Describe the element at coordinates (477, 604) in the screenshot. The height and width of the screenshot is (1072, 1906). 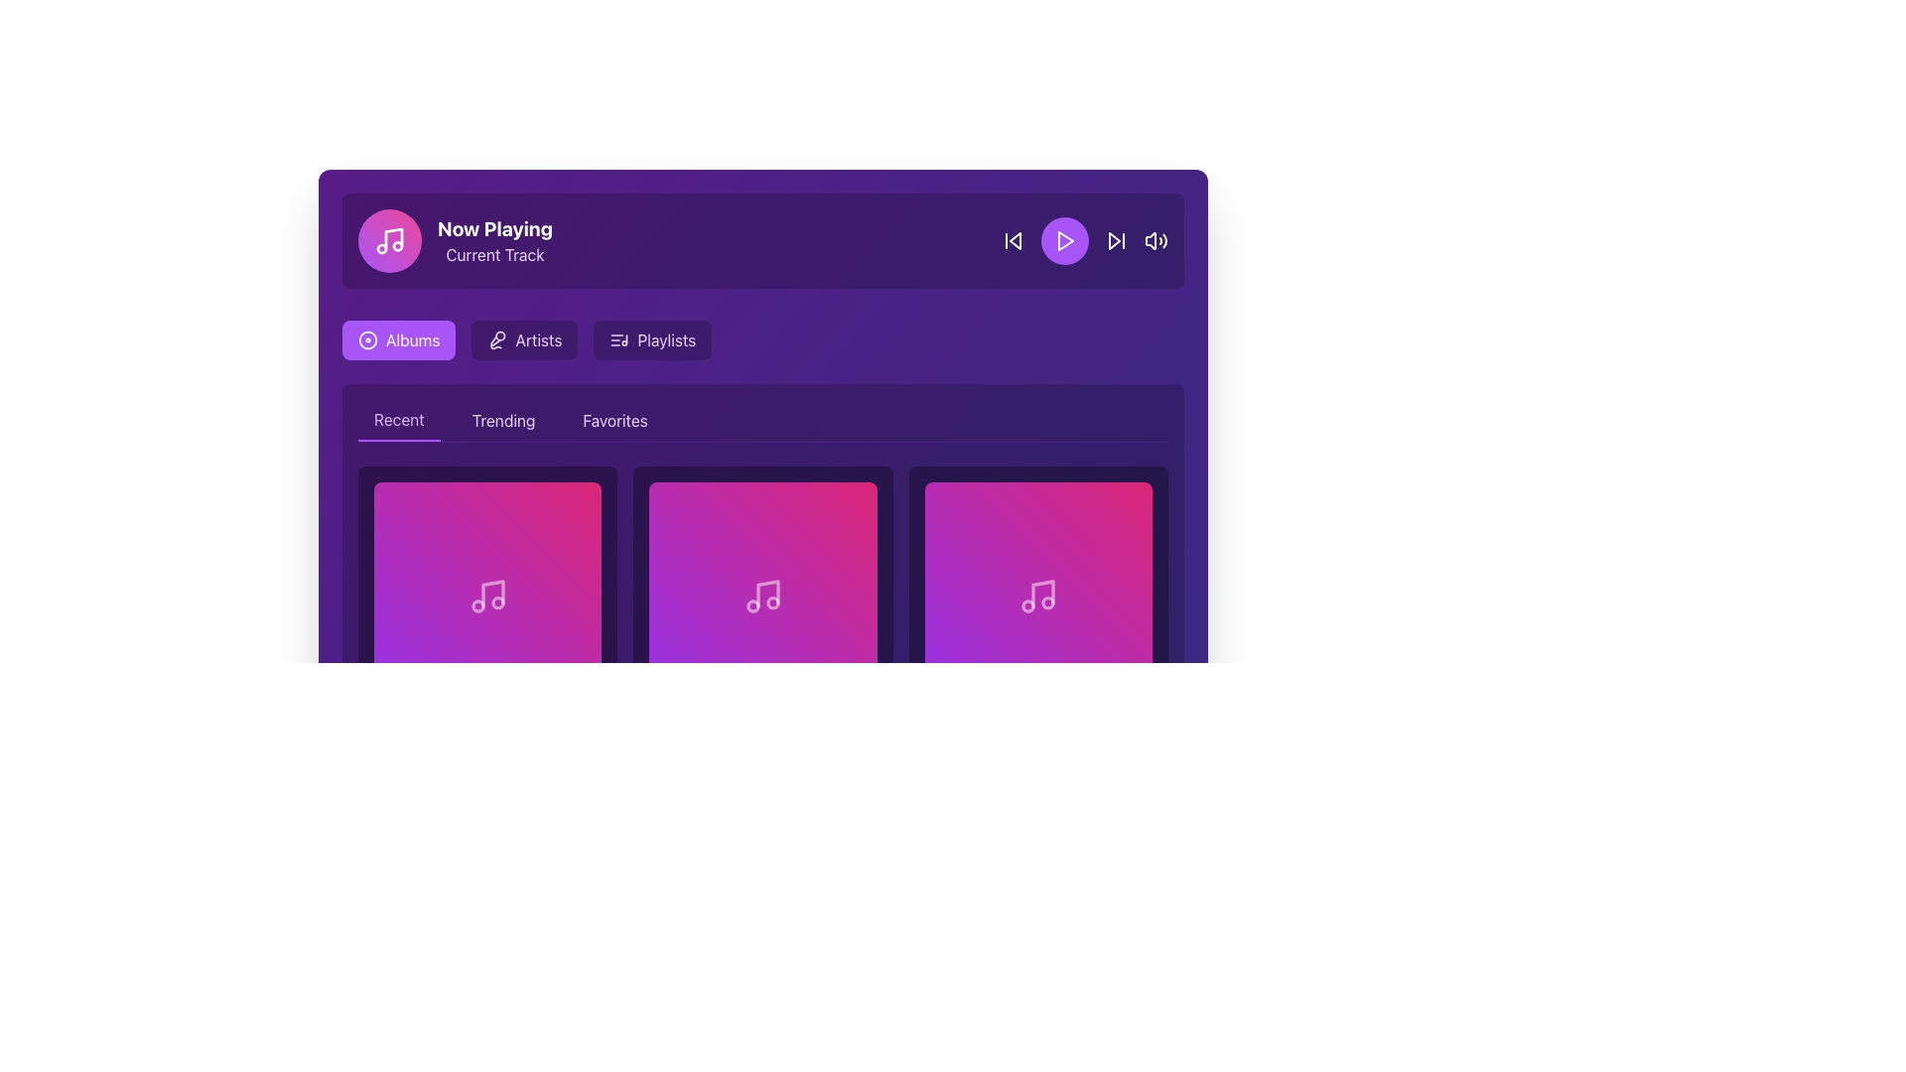
I see `left-most circle of the musical note icon, which is a decorative SVG component contributing to the visual design` at that location.